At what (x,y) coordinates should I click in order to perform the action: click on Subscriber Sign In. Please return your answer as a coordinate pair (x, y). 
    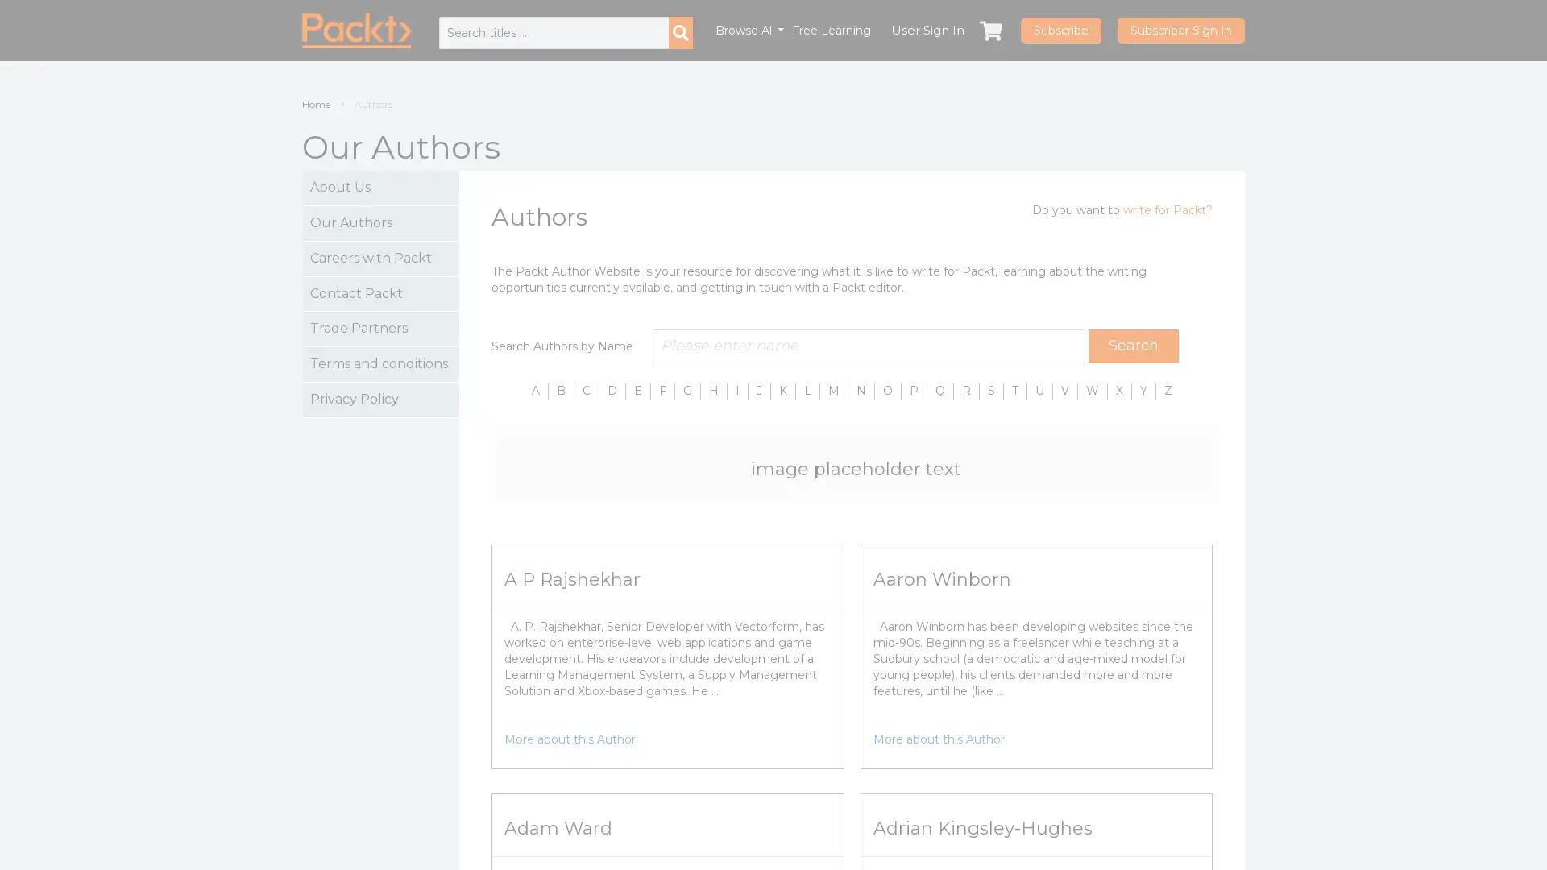
    Looking at the image, I should click on (1180, 31).